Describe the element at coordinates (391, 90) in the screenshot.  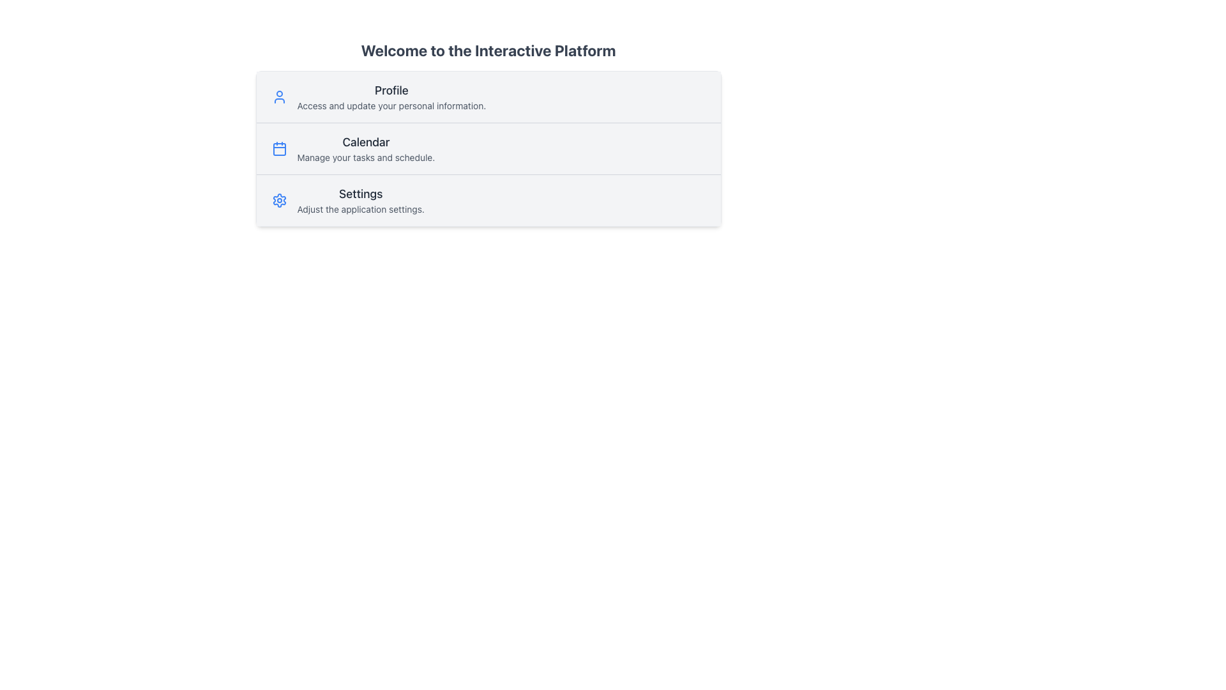
I see `the Text Label that serves as a heading for the section, located at the top-left of the card layout, above the subtitle 'Access and update your personal information.'` at that location.